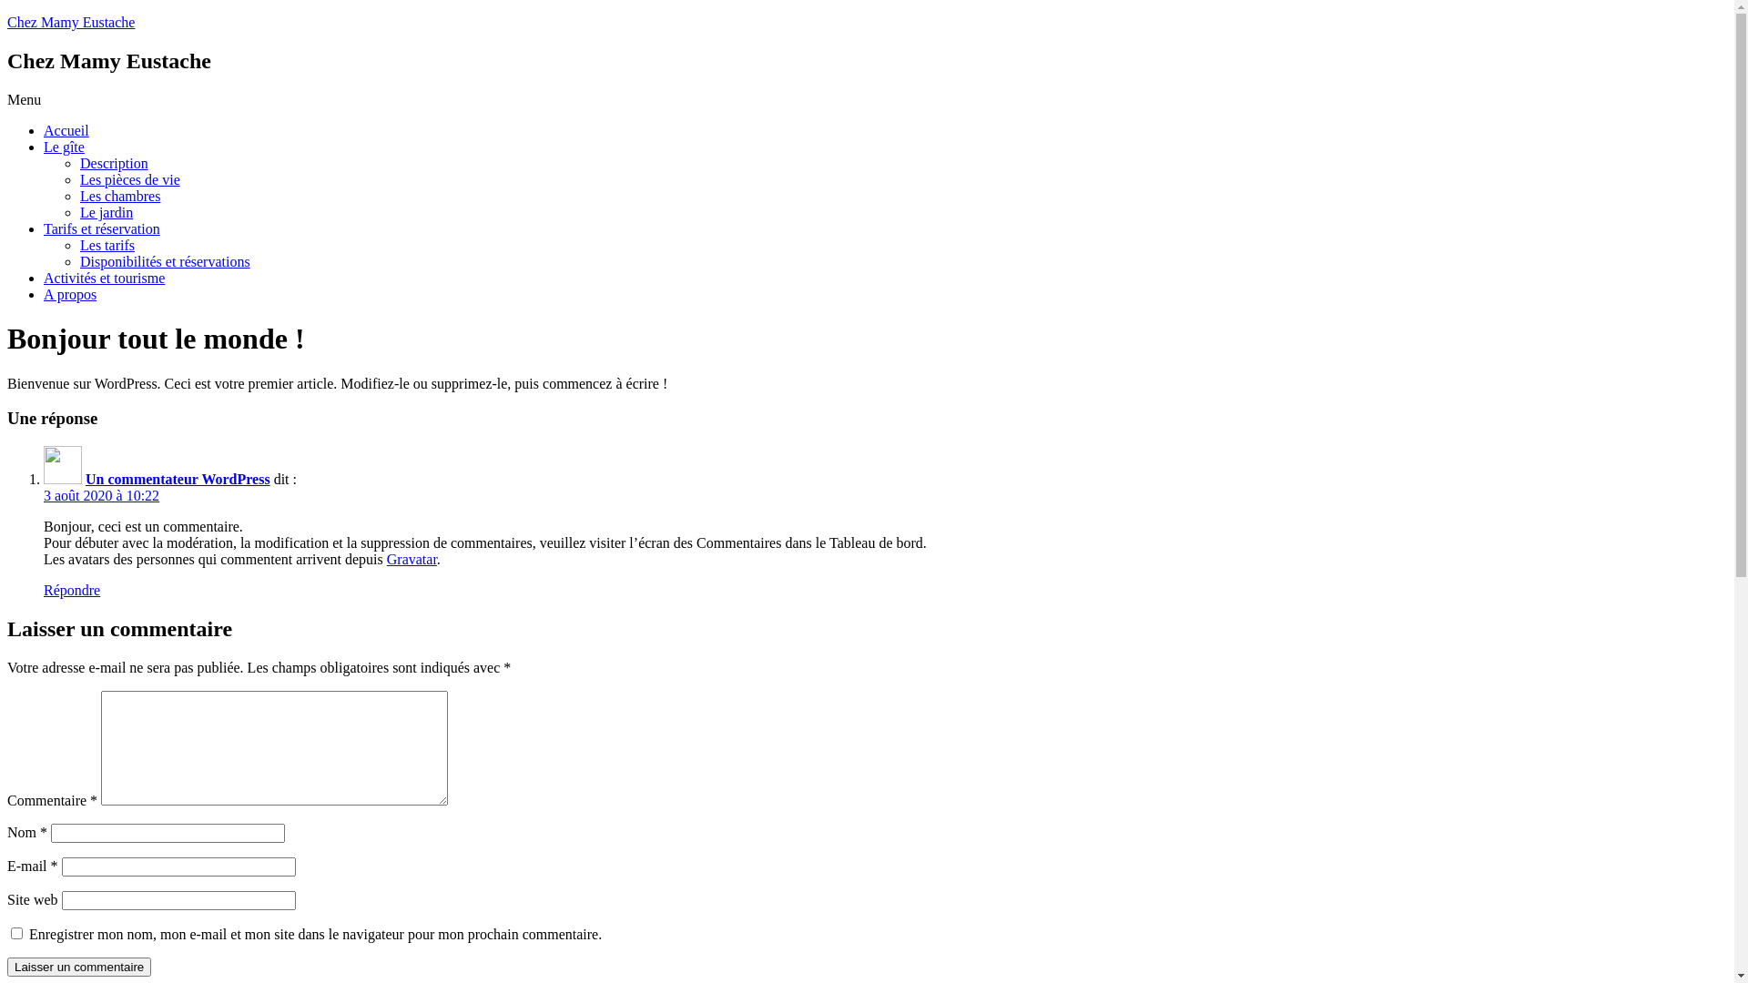  Describe the element at coordinates (70, 22) in the screenshot. I see `'Chez Mamy Eustache'` at that location.